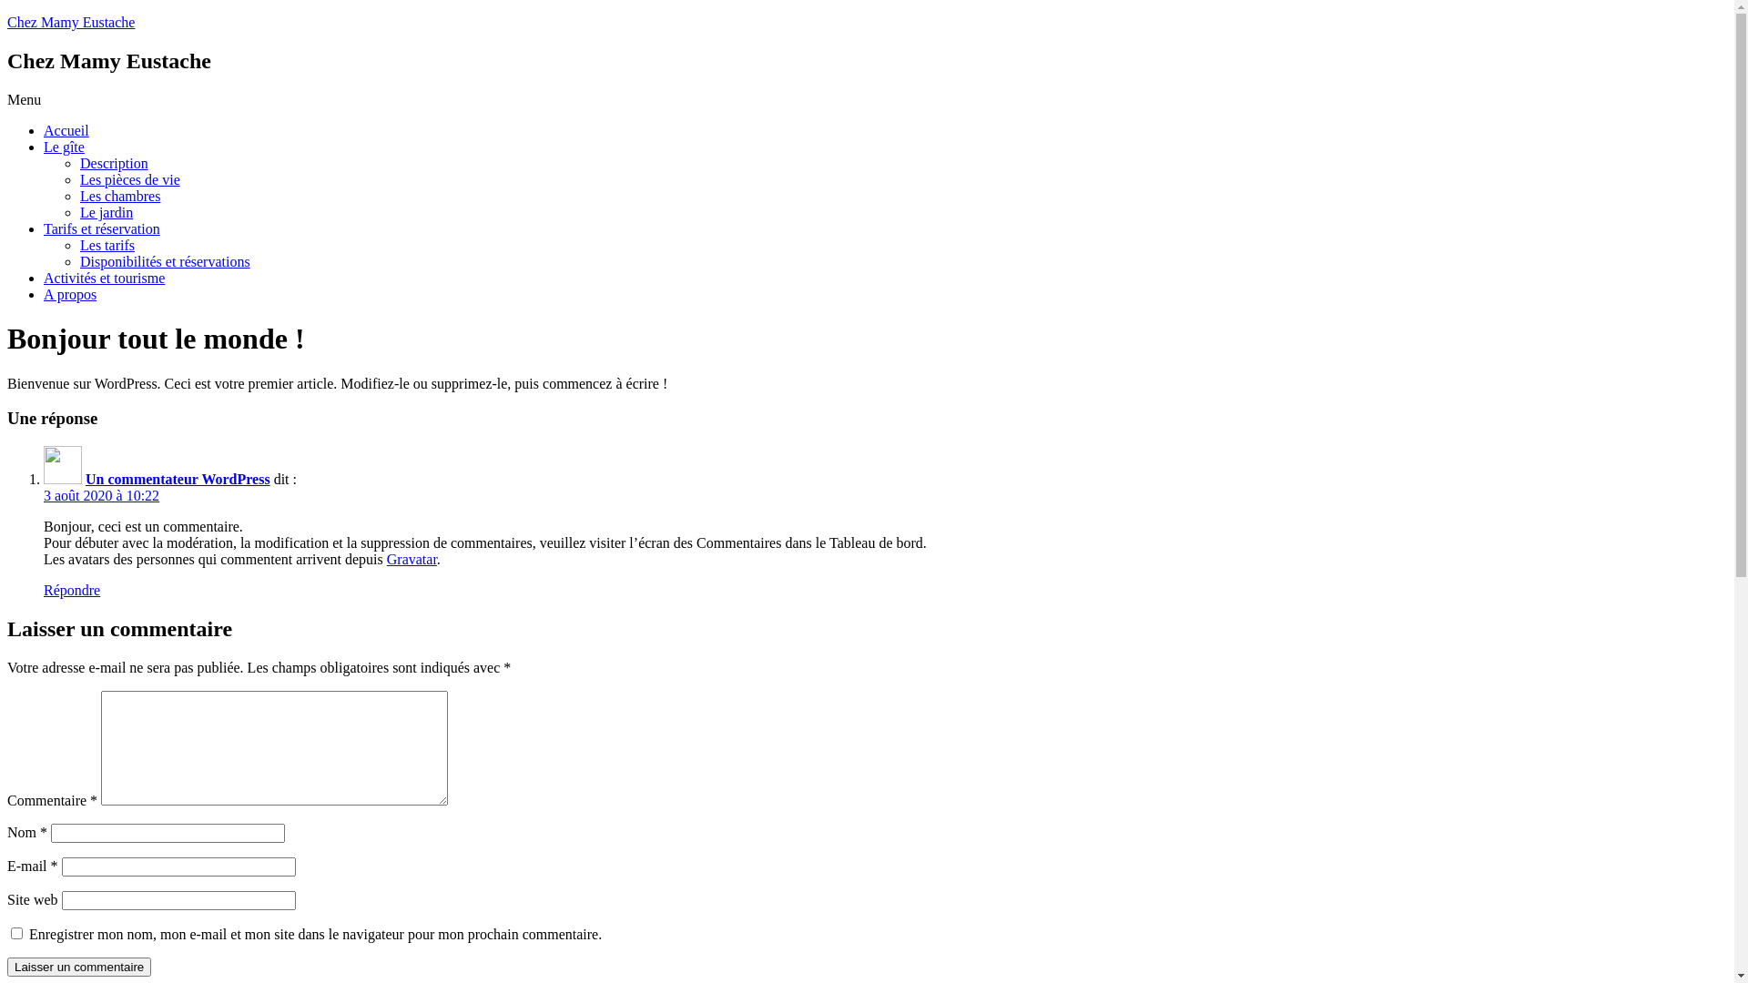  Describe the element at coordinates (70, 22) in the screenshot. I see `'Chez Mamy Eustache'` at that location.